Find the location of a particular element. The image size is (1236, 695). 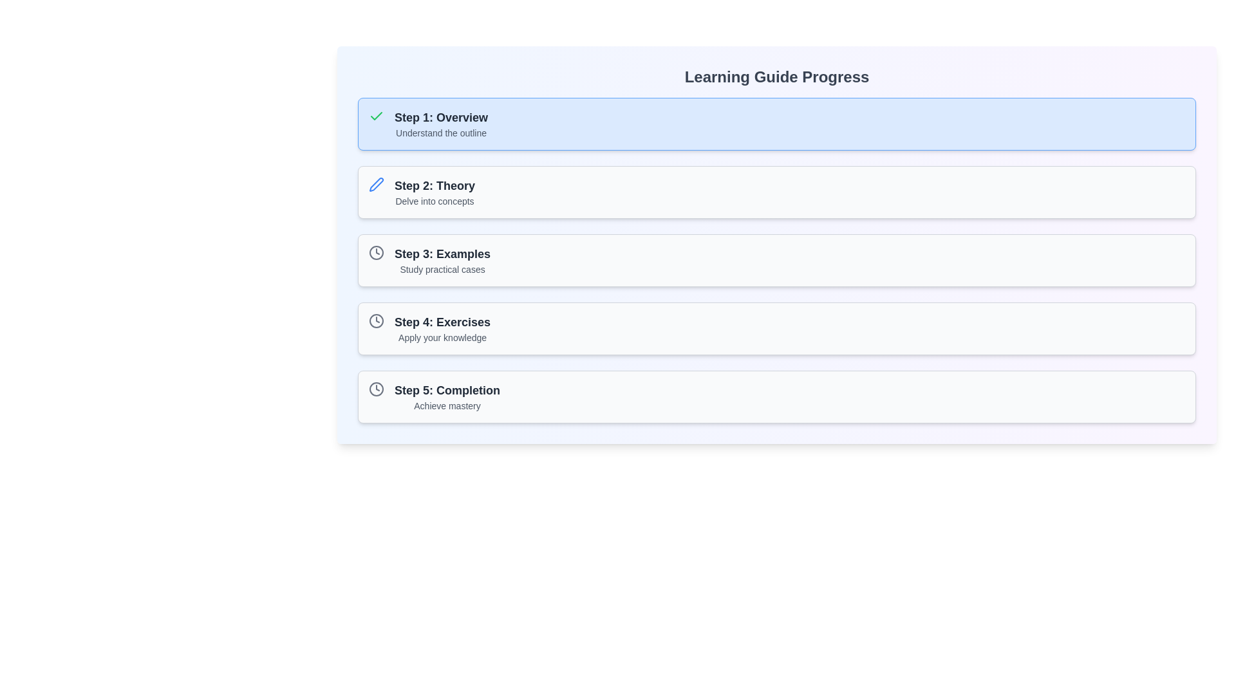

the introductory Text group element in the learning guide, which provides the step's title and brief description, located to the right of a green checkmark icon is located at coordinates (441, 124).